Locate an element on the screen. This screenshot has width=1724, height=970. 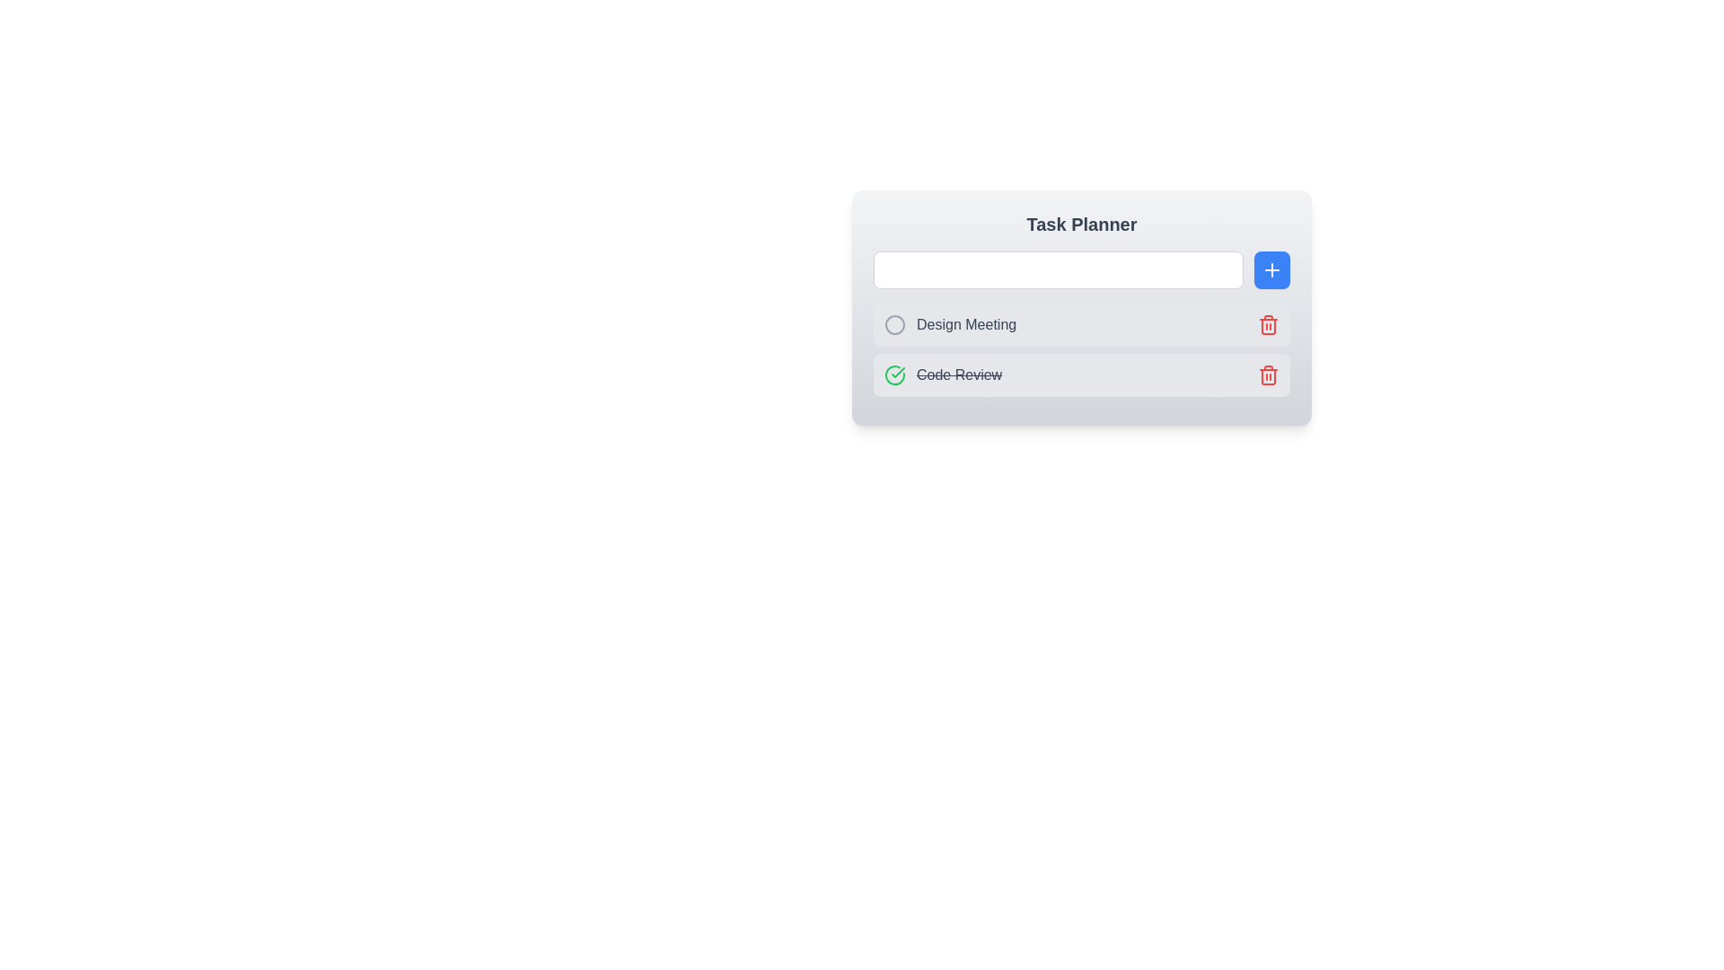
the red trash bin icon located to the right of the 'Code Review' text button is located at coordinates (1267, 325).